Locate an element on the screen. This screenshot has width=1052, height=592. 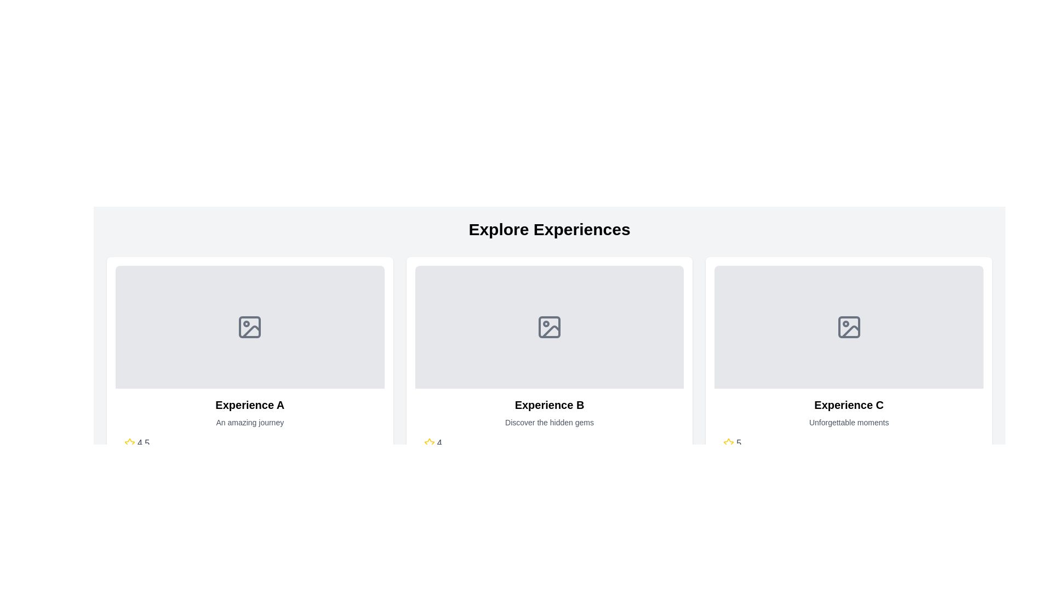
the Information display card located in the first column under the 'Explore Experiences' heading, which presents a specific offering or experience with its title, description, and user rating is located at coordinates (249, 423).